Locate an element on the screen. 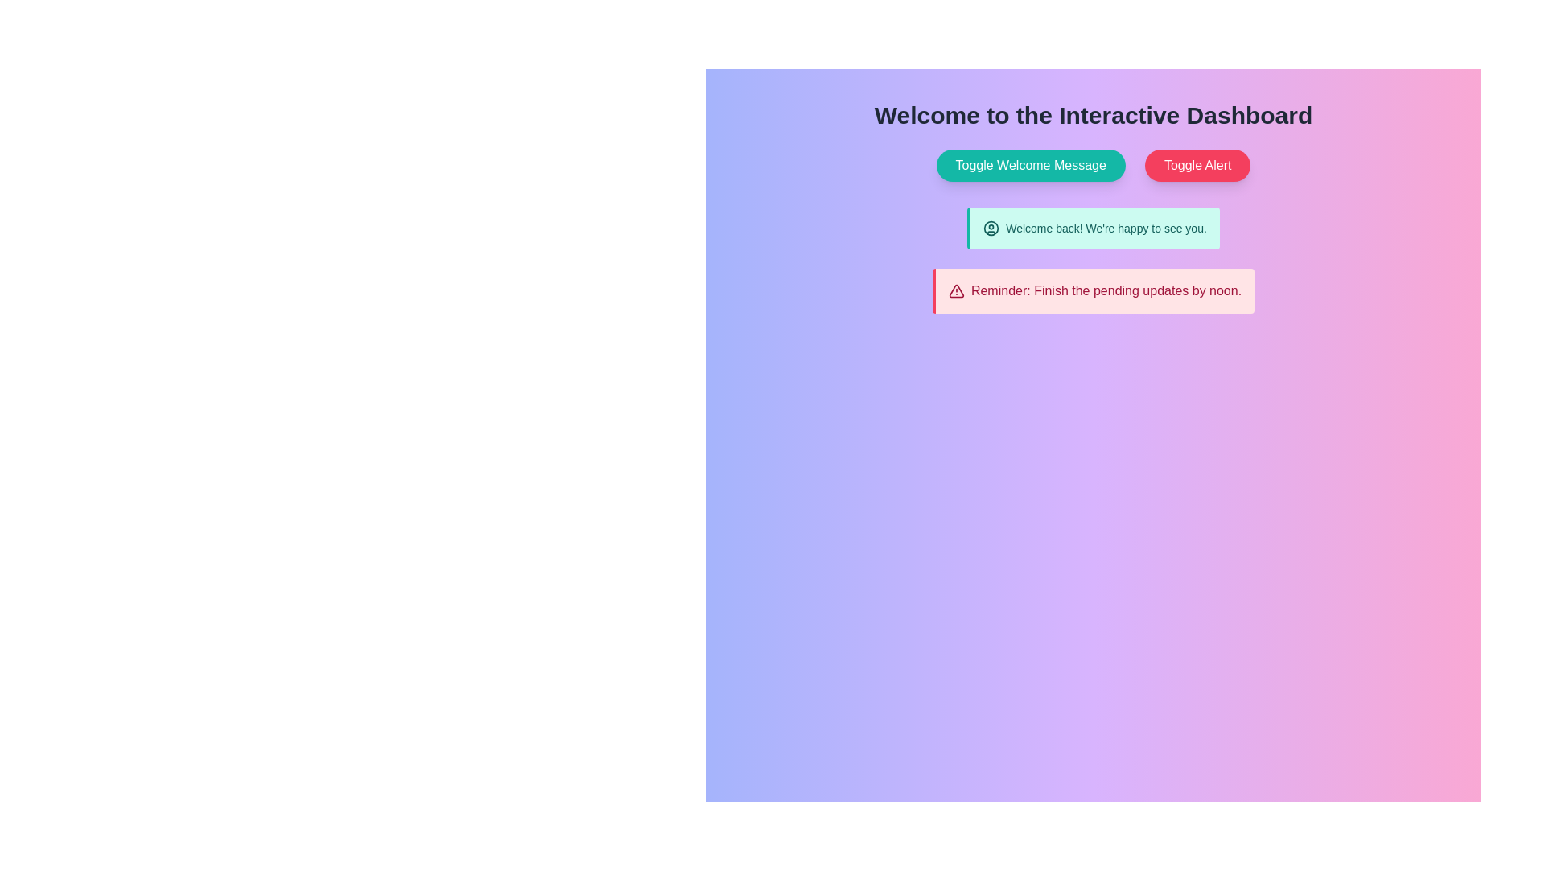 The width and height of the screenshot is (1545, 869). the red triangular alert icon located to the left of the notification box that reads 'Reminder: Finish the pending updates by noon.' is located at coordinates (956, 291).